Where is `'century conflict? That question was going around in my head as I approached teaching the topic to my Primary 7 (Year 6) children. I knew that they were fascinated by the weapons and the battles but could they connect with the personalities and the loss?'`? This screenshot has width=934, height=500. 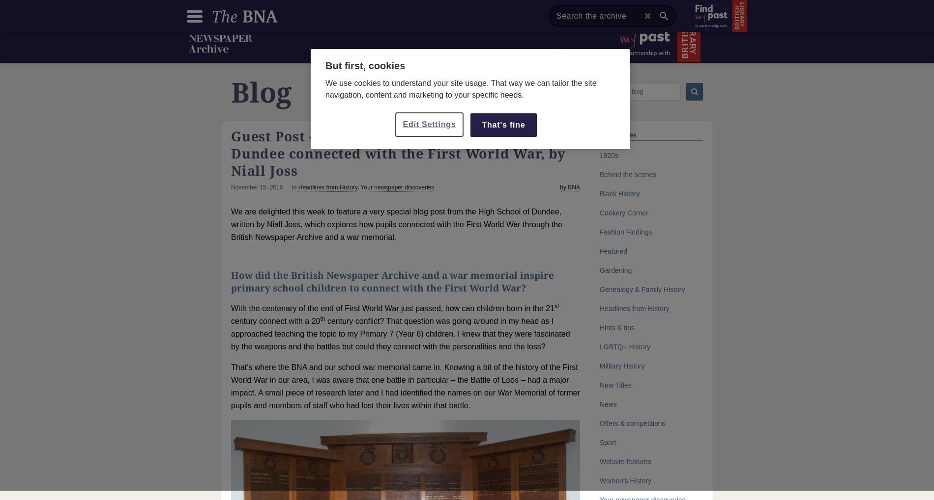 'century conflict? That question was going around in my head as I approached teaching the topic to my Primary 7 (Year 6) children. I knew that they were fascinated by the weapons and the battles but could they connect with the personalities and the loss?' is located at coordinates (400, 333).